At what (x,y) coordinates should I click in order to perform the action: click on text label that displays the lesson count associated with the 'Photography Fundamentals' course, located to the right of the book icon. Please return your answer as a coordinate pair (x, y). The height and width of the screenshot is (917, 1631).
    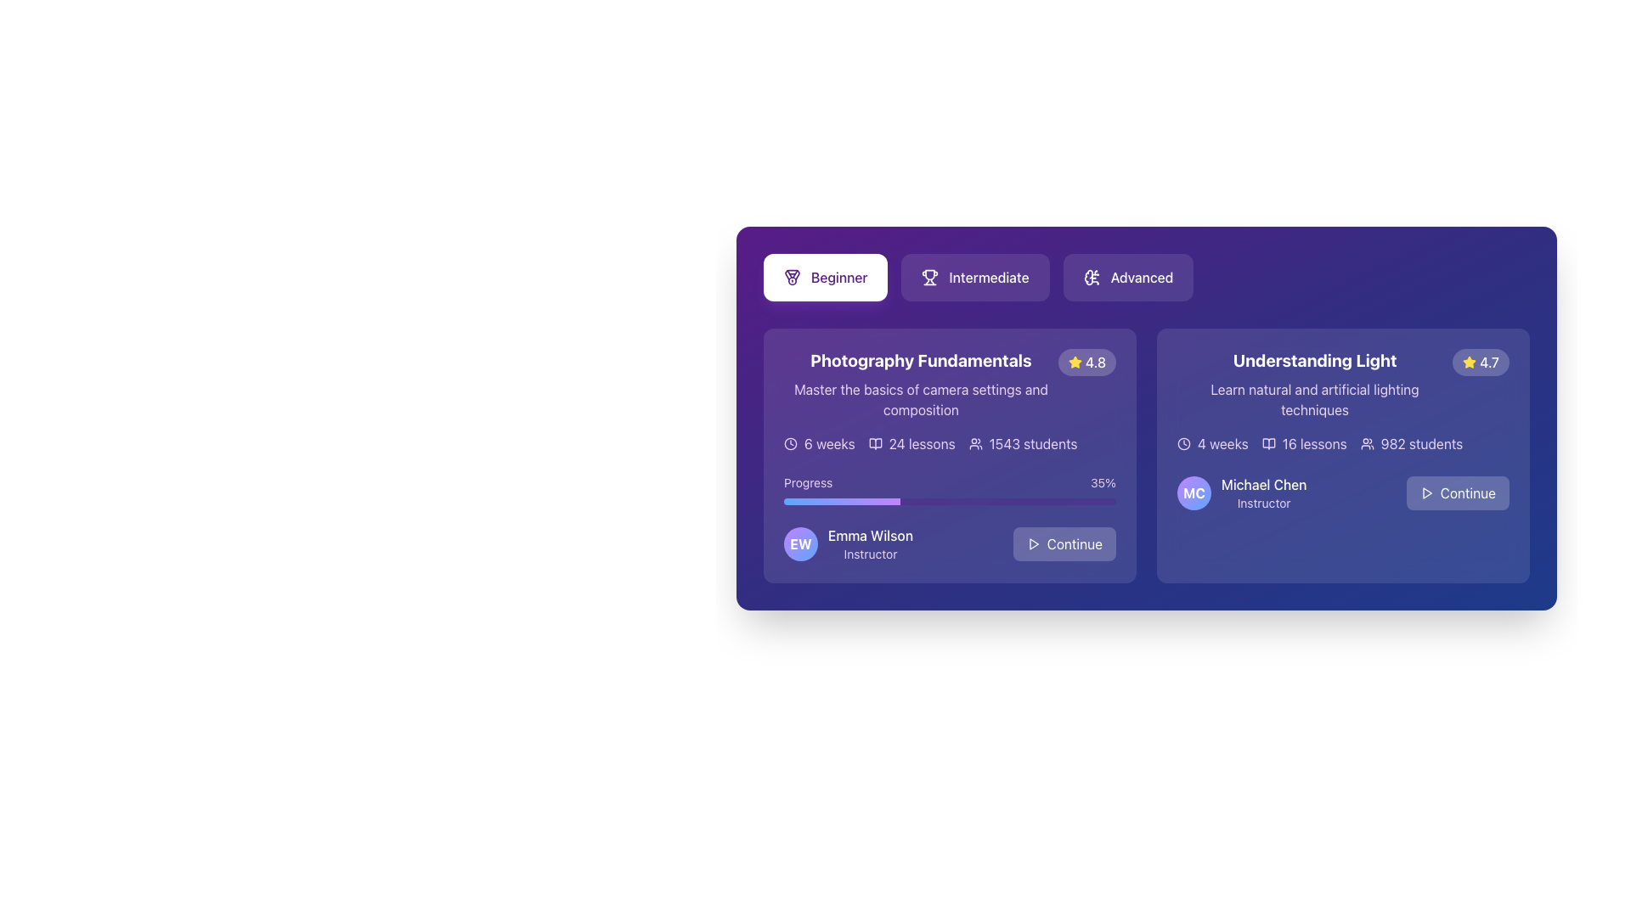
    Looking at the image, I should click on (921, 443).